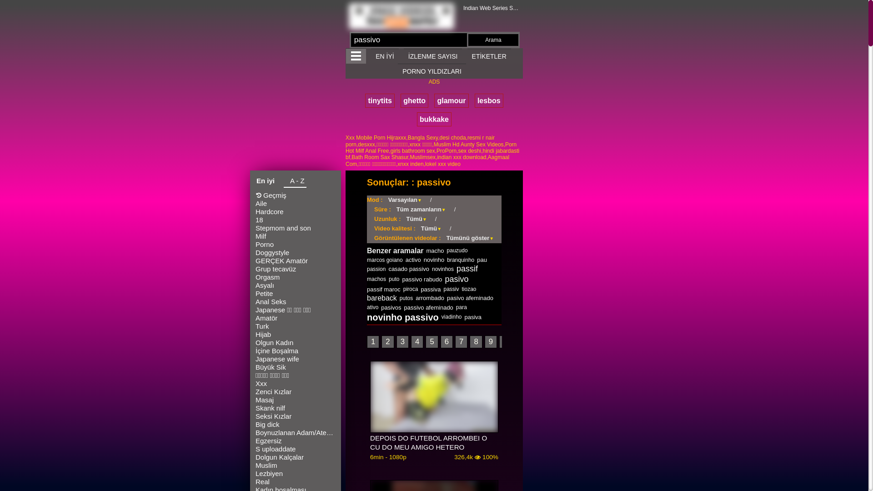 The height and width of the screenshot is (491, 873). What do you see at coordinates (255, 473) in the screenshot?
I see `'Lezbiyen'` at bounding box center [255, 473].